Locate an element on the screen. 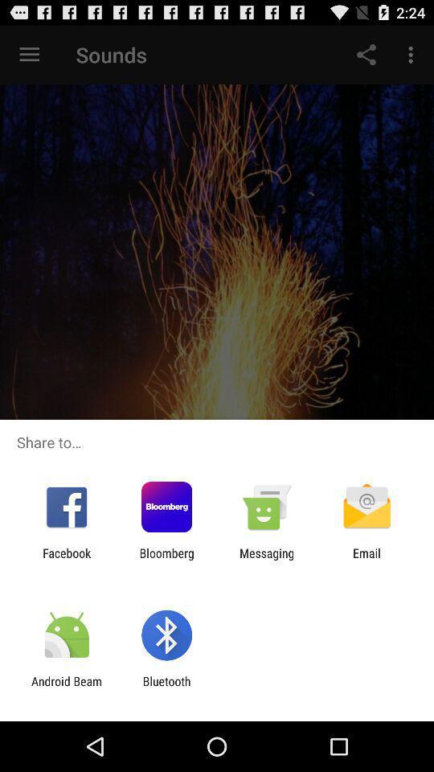 The width and height of the screenshot is (434, 772). the messaging item is located at coordinates (267, 560).